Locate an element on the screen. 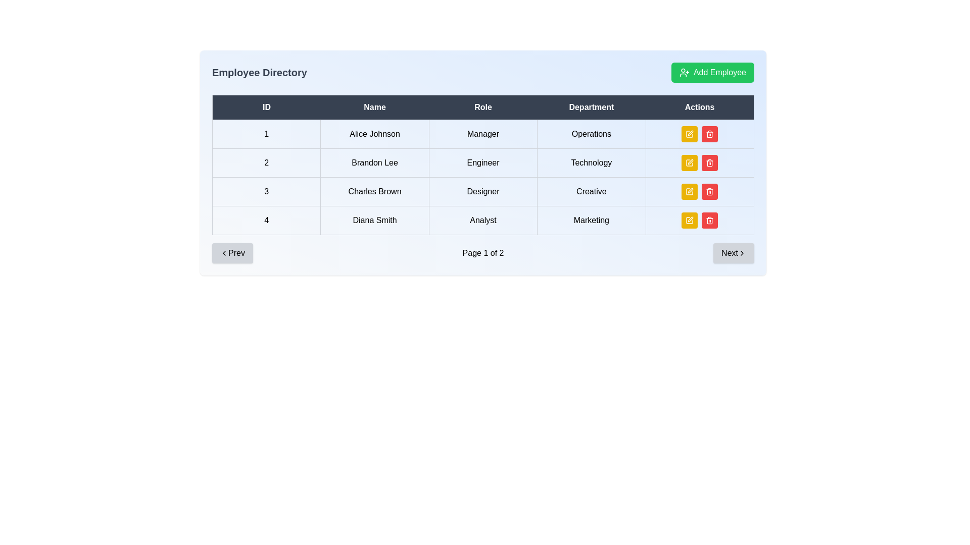  the 'Add Employee' button, which features an icon on the left side of the button text, located in the top-right corner above the table is located at coordinates (684, 72).